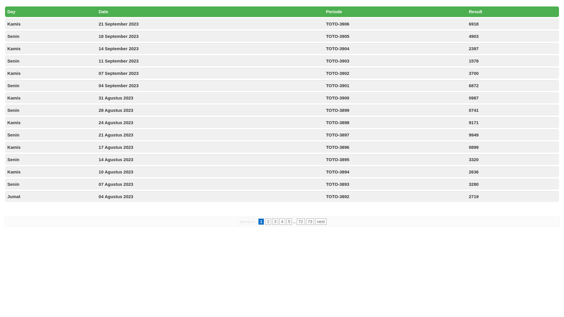  I want to click on 'next', so click(320, 222).